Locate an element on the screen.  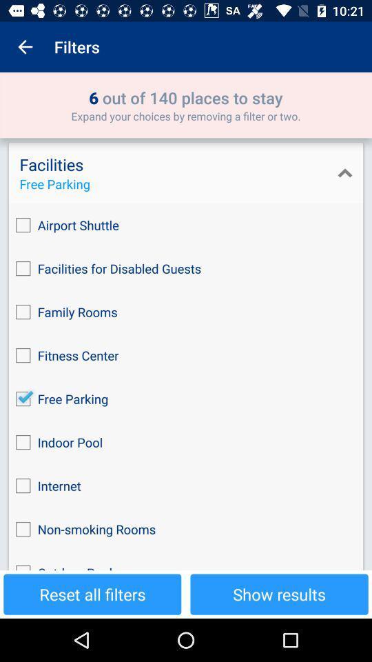
internet is located at coordinates (186, 485).